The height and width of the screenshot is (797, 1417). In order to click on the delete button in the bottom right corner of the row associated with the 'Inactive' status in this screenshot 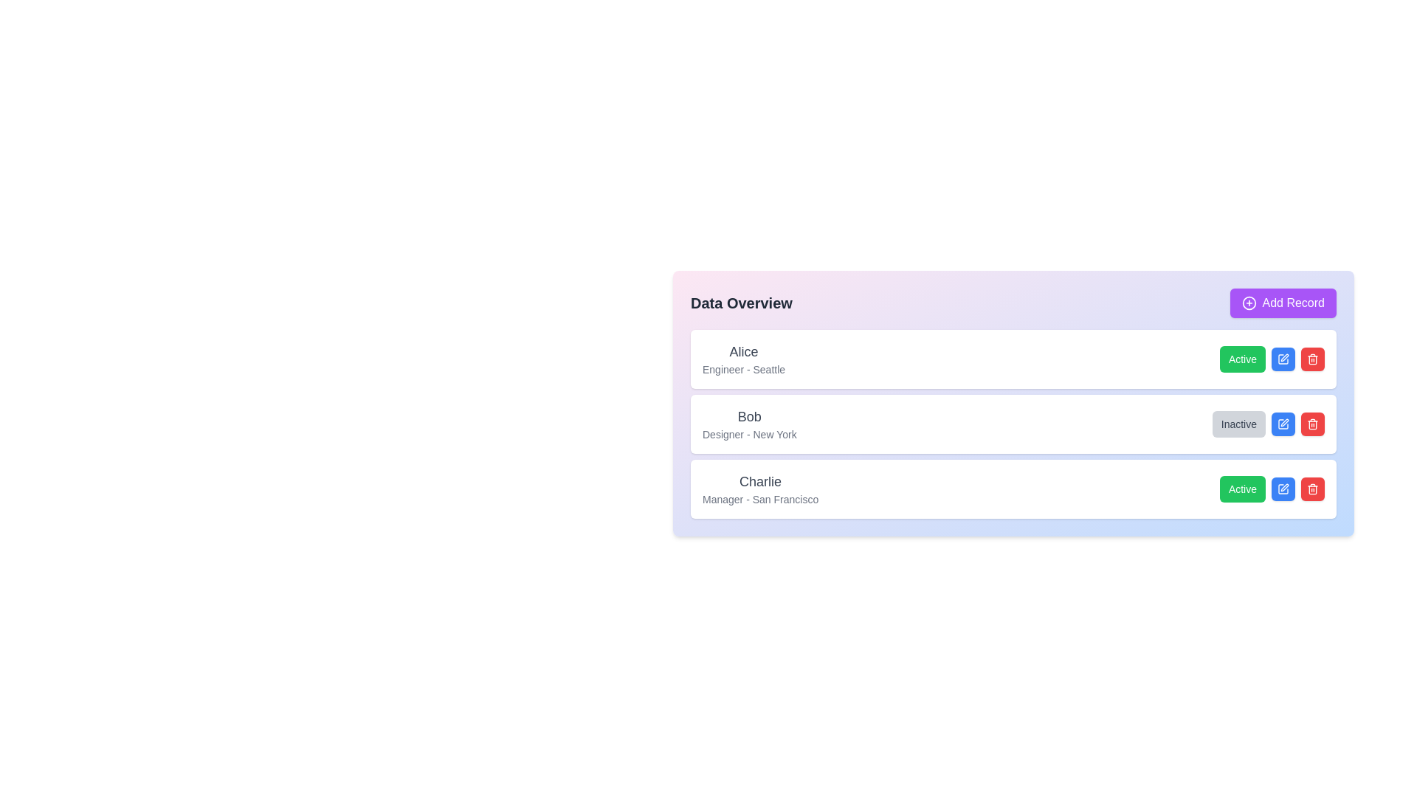, I will do `click(1313, 424)`.